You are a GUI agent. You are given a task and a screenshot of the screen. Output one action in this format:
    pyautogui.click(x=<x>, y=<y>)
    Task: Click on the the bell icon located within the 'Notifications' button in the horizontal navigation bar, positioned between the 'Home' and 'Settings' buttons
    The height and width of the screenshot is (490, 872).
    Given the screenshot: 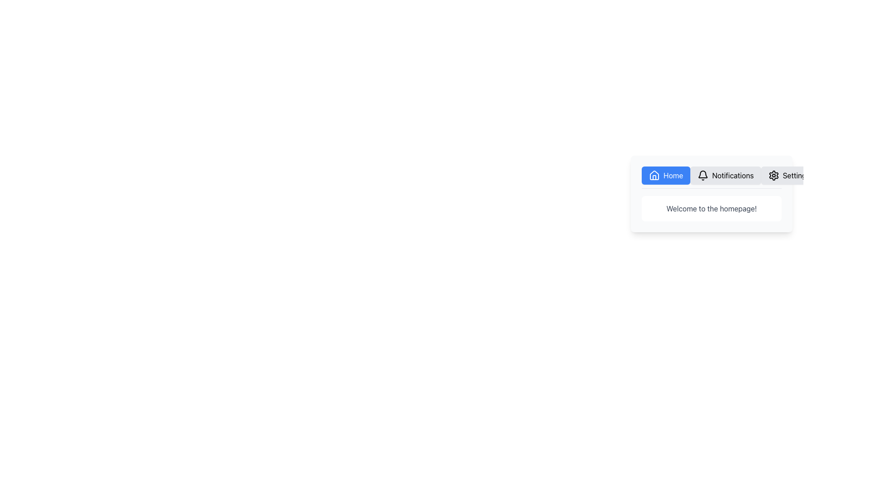 What is the action you would take?
    pyautogui.click(x=703, y=175)
    